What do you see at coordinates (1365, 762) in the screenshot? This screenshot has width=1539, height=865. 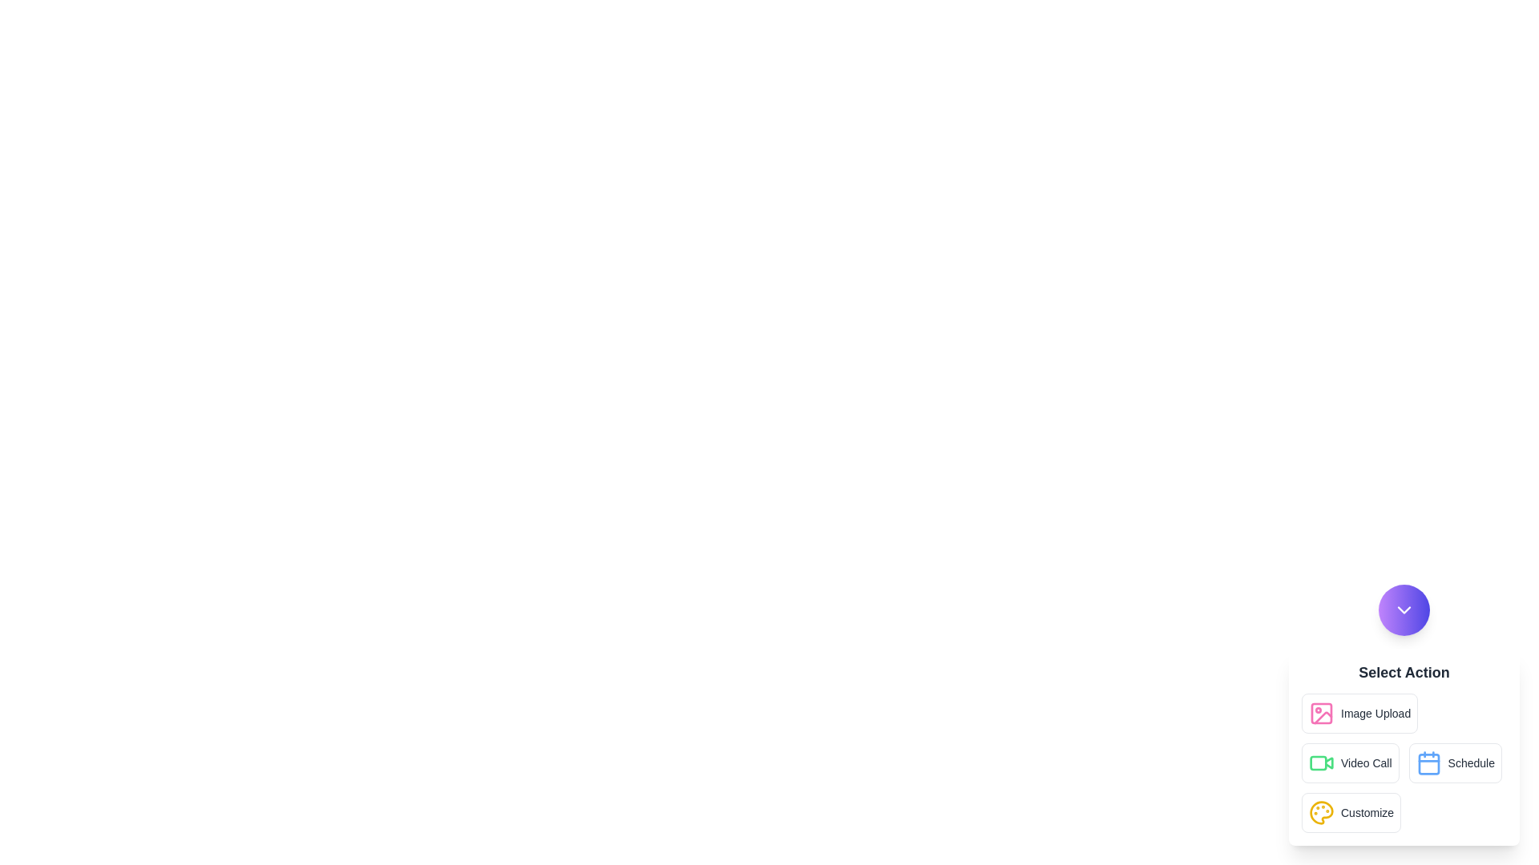 I see `the 'Video Call' text label, which is a small, bold dark gray label positioned to the right of a green video camera icon` at bounding box center [1365, 762].